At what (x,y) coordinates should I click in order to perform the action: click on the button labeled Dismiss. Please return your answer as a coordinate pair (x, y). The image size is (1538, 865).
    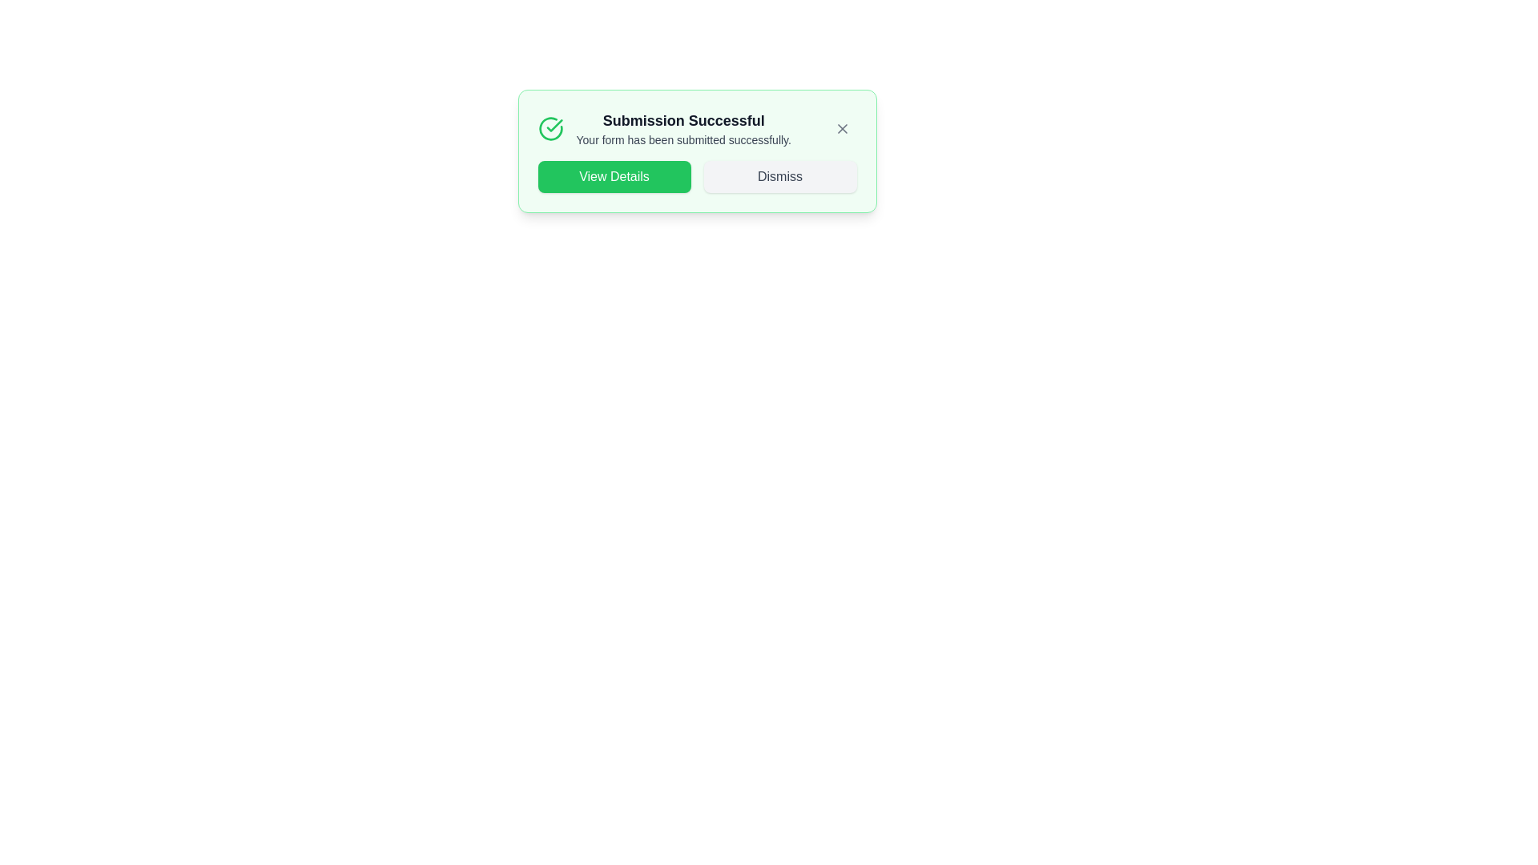
    Looking at the image, I should click on (780, 176).